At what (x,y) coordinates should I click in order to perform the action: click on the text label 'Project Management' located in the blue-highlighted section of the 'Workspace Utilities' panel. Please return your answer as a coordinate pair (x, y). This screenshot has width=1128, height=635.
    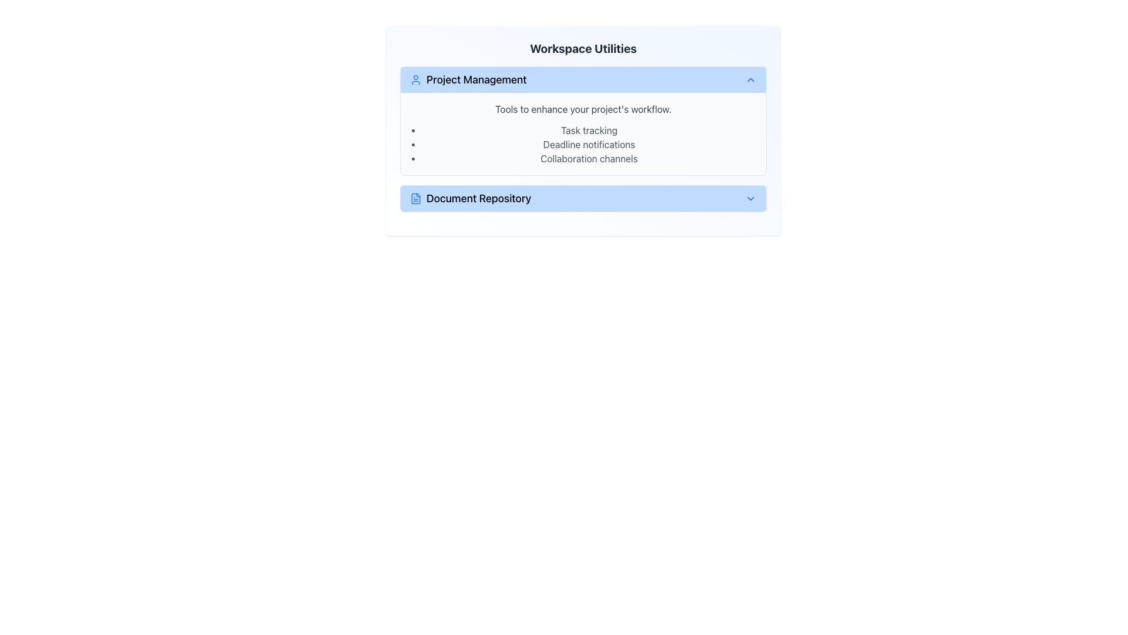
    Looking at the image, I should click on (476, 79).